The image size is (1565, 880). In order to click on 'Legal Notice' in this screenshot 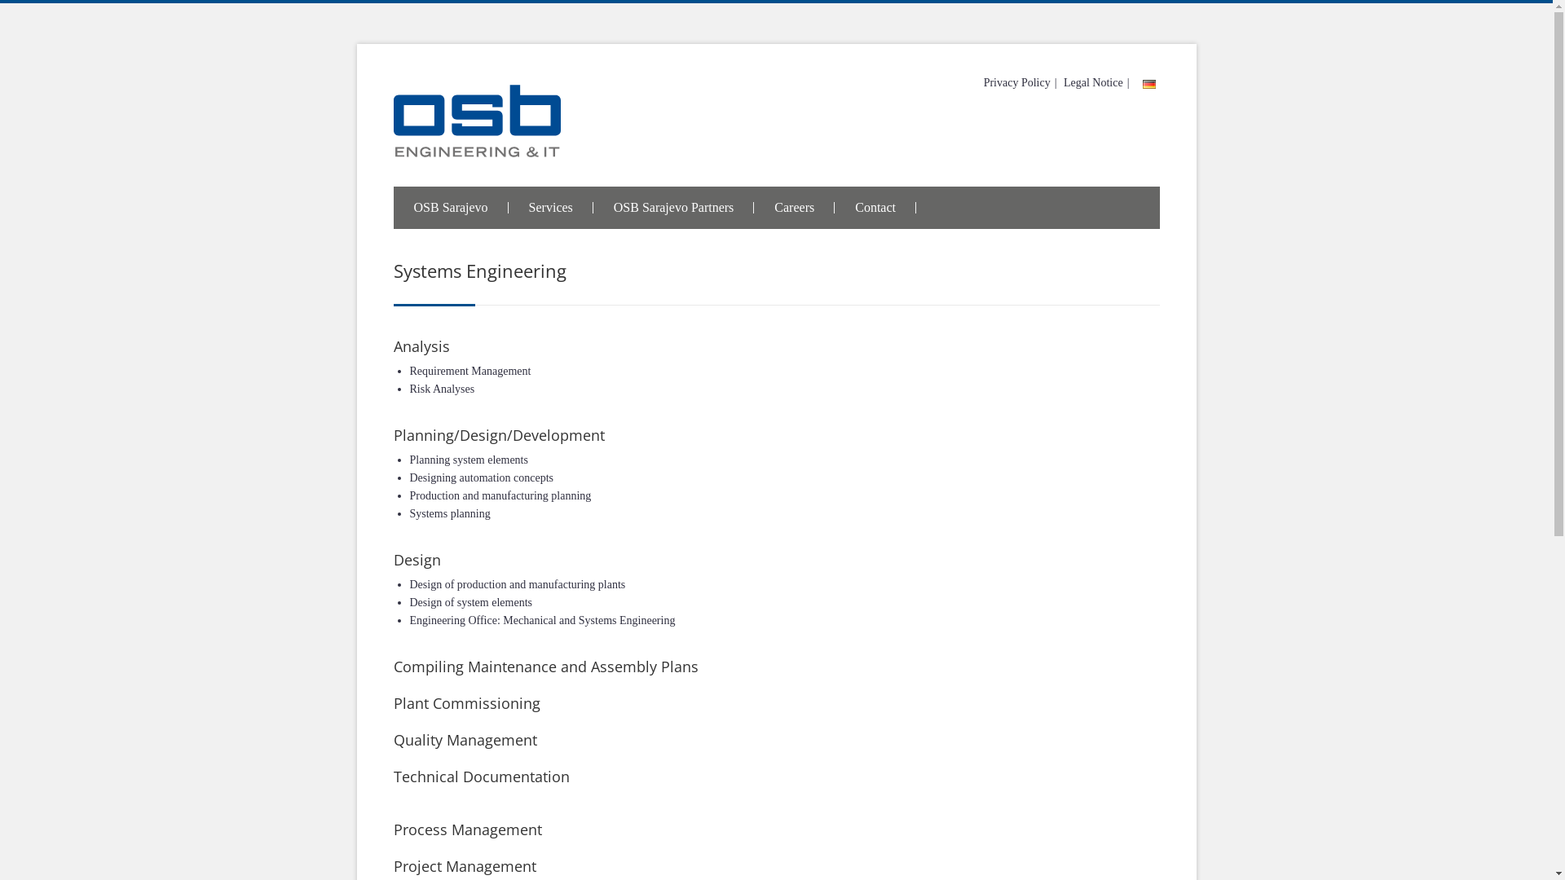, I will do `click(1093, 82)`.